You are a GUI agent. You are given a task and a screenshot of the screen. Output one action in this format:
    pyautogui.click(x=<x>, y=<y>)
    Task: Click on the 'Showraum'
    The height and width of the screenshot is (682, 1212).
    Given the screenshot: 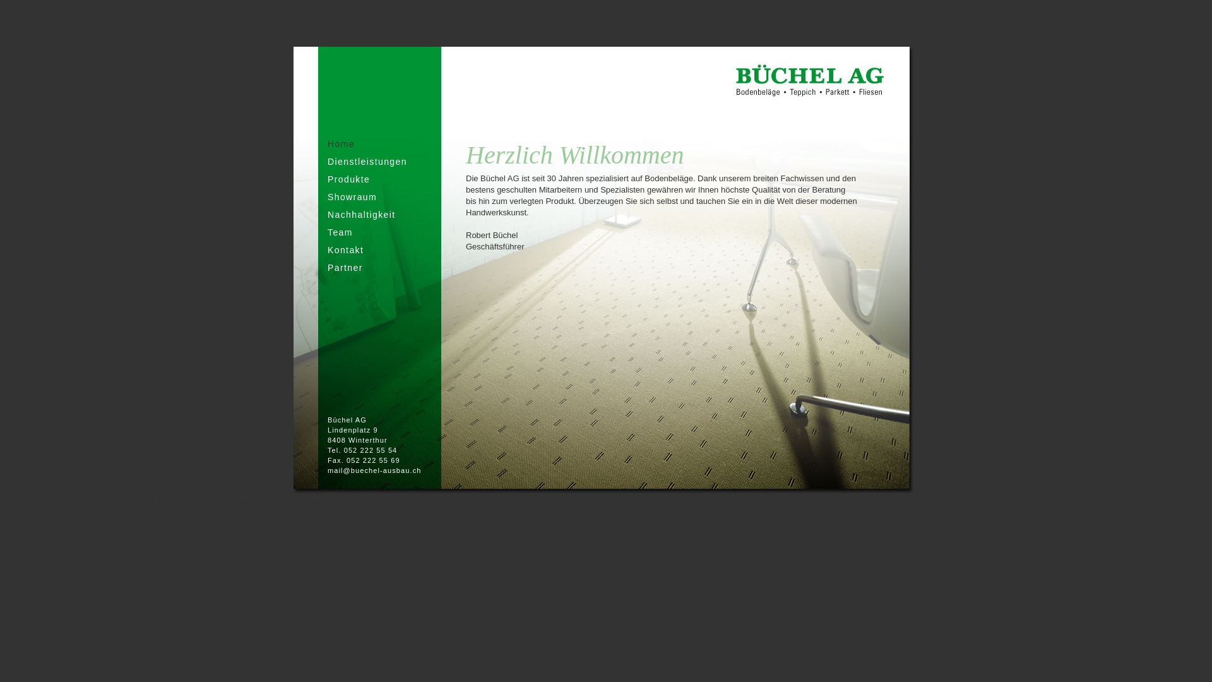 What is the action you would take?
    pyautogui.click(x=352, y=197)
    